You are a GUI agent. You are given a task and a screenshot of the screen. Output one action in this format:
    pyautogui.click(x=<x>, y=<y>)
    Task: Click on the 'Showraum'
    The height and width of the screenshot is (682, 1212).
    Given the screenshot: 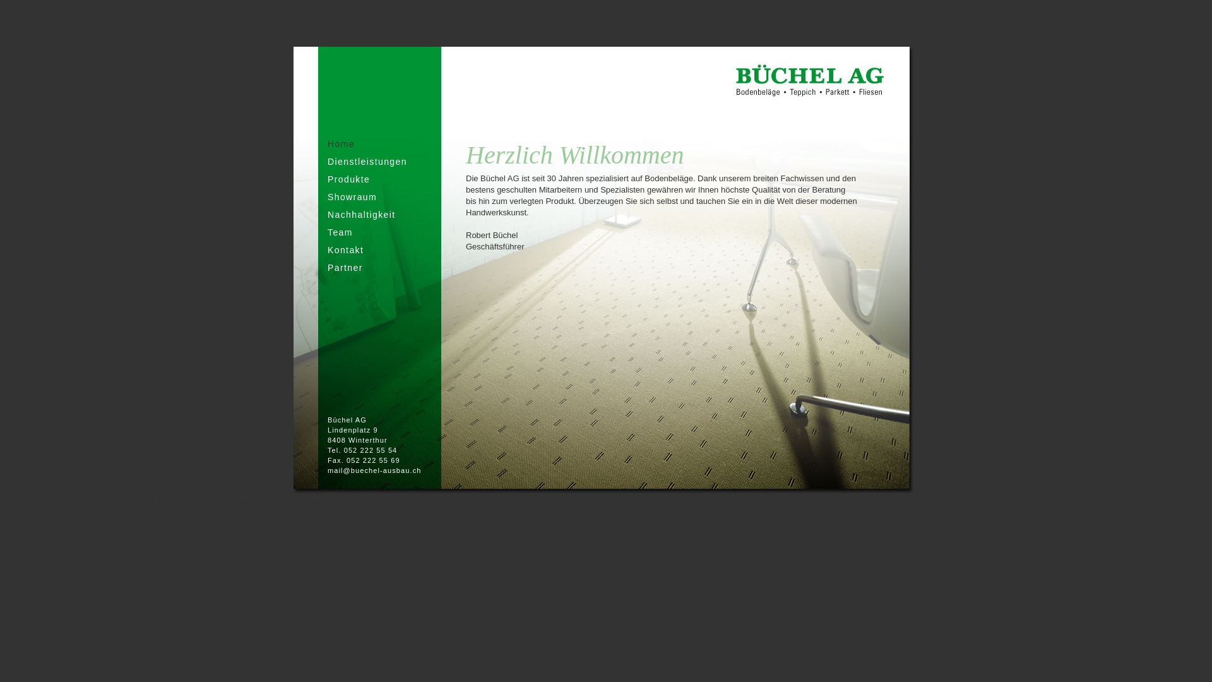 What is the action you would take?
    pyautogui.click(x=352, y=197)
    